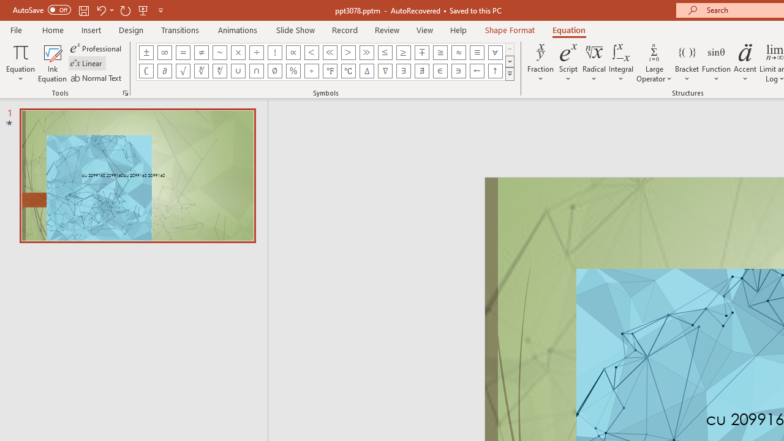  What do you see at coordinates (422, 70) in the screenshot?
I see `'Equation Symbol There Does Not Exist'` at bounding box center [422, 70].